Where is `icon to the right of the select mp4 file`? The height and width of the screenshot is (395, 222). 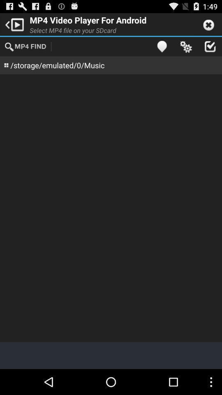 icon to the right of the select mp4 file is located at coordinates (162, 46).